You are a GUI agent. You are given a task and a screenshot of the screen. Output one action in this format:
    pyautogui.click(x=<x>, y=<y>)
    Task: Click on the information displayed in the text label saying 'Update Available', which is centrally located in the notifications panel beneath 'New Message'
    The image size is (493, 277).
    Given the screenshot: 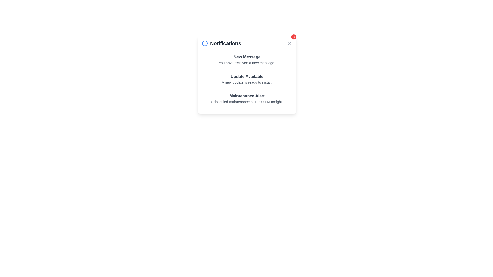 What is the action you would take?
    pyautogui.click(x=247, y=76)
    